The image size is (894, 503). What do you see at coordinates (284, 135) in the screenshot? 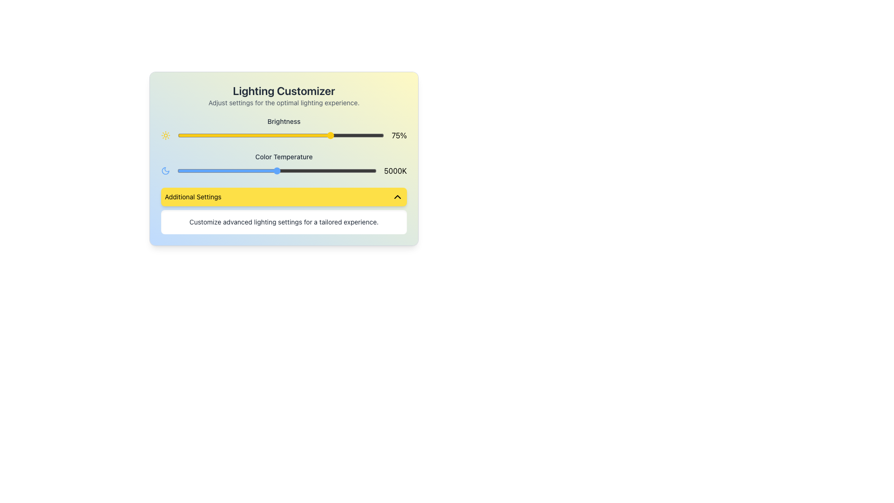
I see `the brightness level` at bounding box center [284, 135].